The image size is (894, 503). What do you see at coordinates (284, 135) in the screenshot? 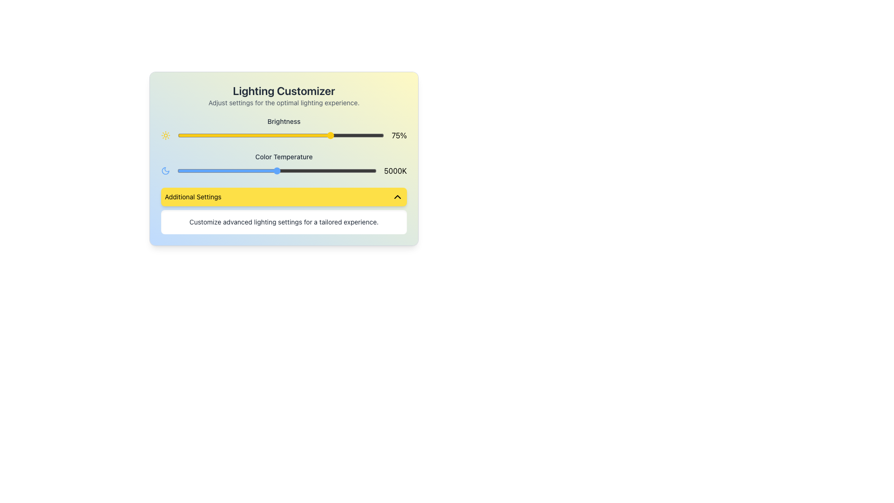
I see `the brightness level` at bounding box center [284, 135].